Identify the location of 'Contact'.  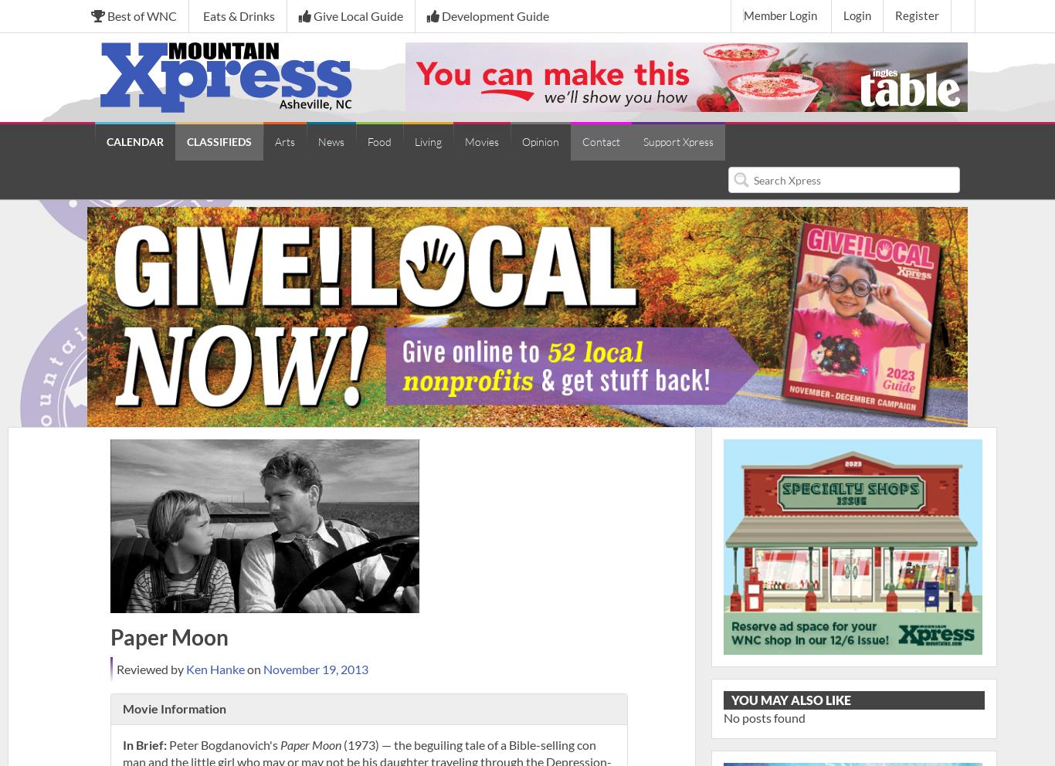
(582, 141).